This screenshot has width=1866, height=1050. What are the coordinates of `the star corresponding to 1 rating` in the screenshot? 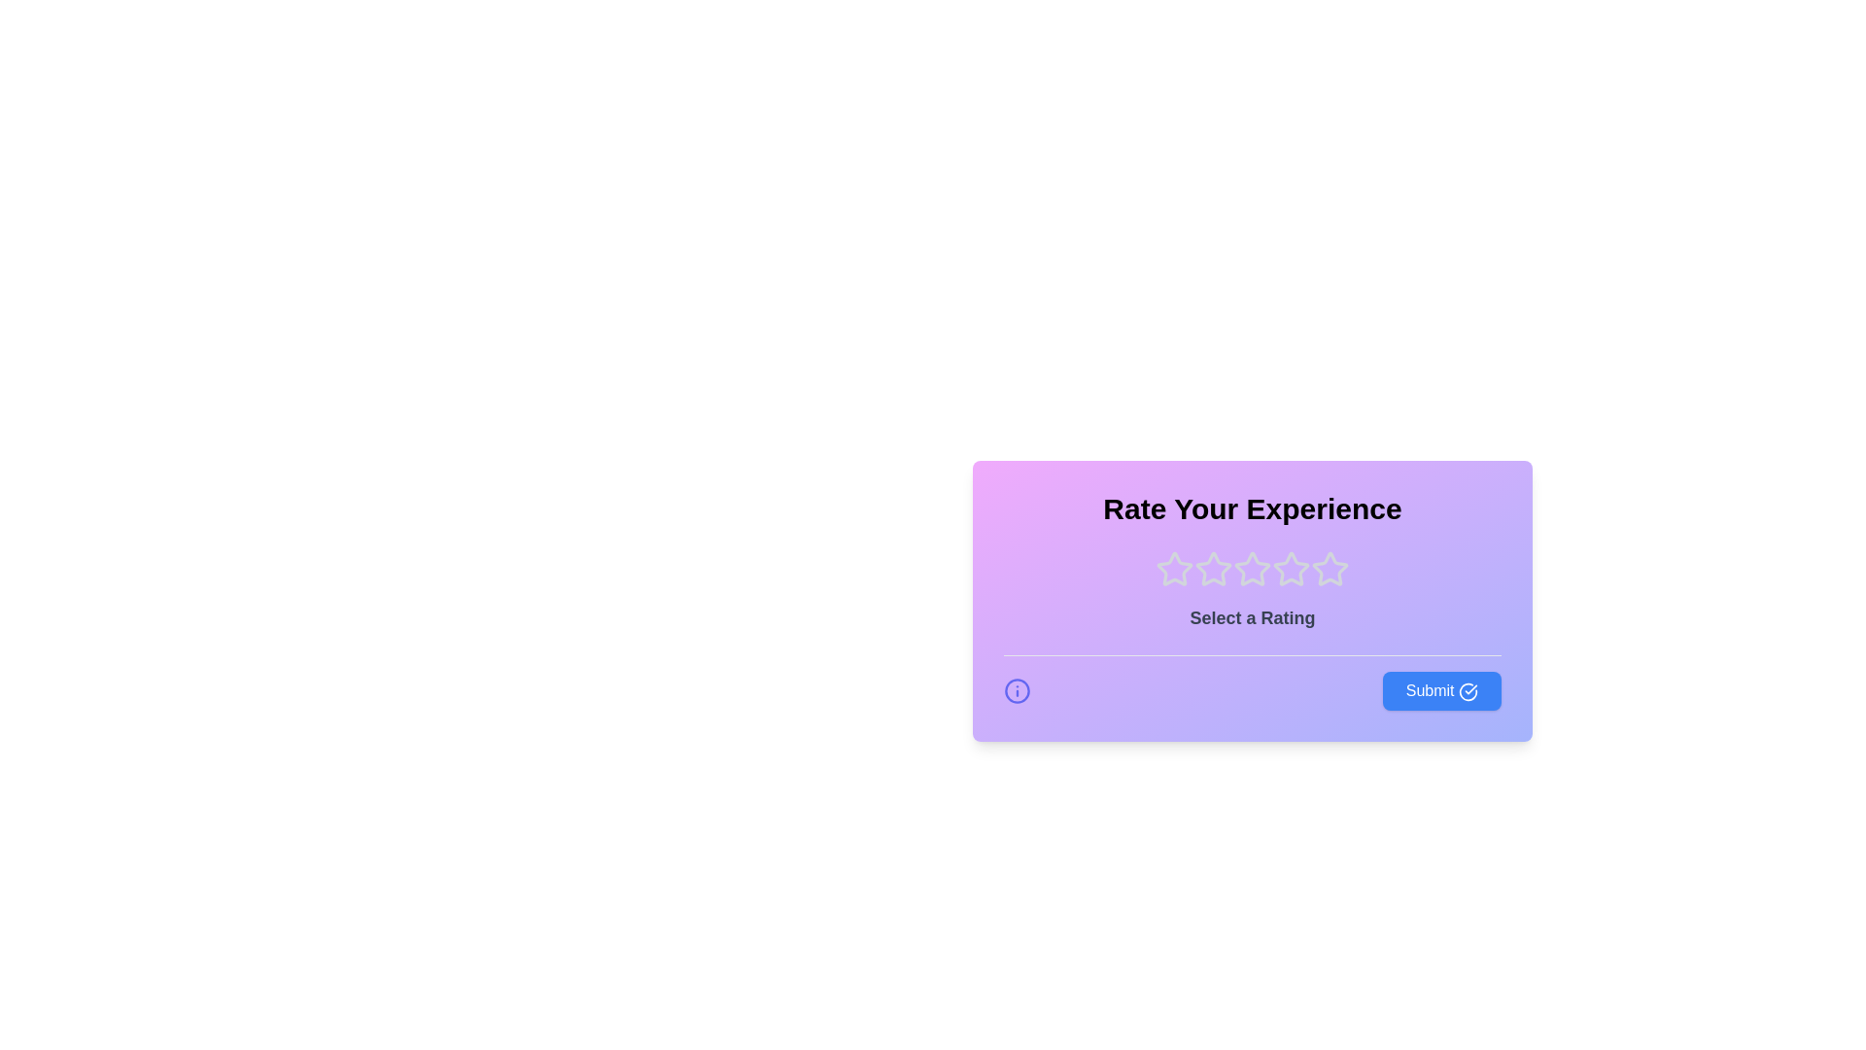 It's located at (1174, 569).